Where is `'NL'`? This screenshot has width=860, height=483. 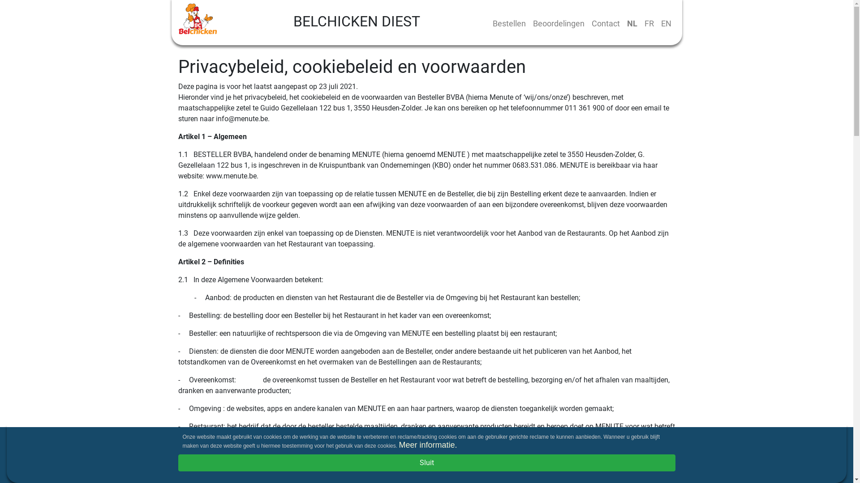 'NL' is located at coordinates (632, 23).